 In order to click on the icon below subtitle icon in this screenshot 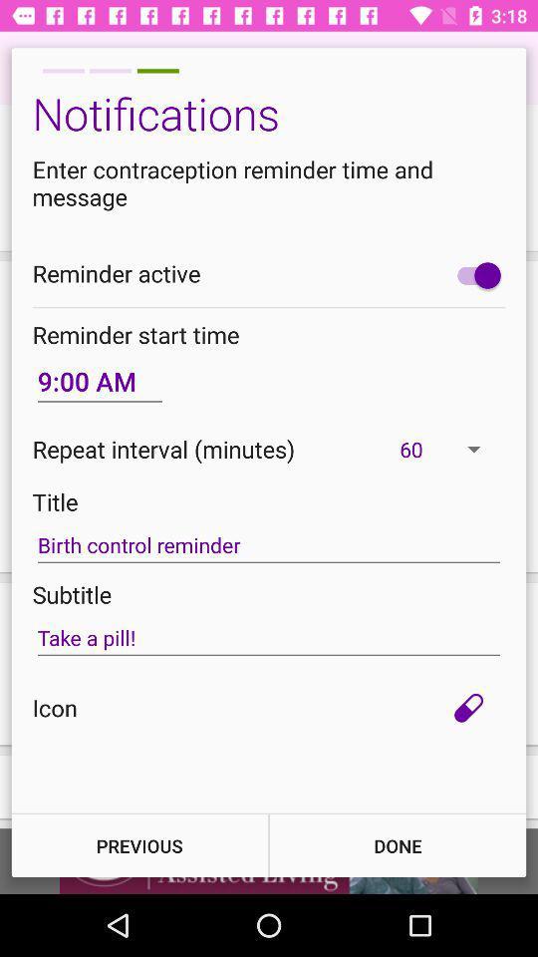, I will do `click(269, 637)`.